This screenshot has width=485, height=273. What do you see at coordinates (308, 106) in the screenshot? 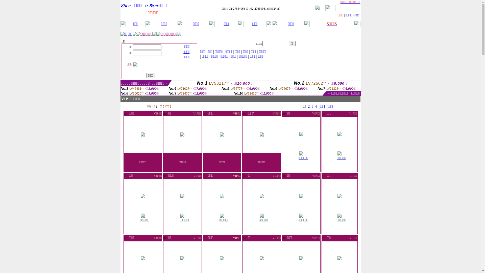
I see `'2'` at bounding box center [308, 106].